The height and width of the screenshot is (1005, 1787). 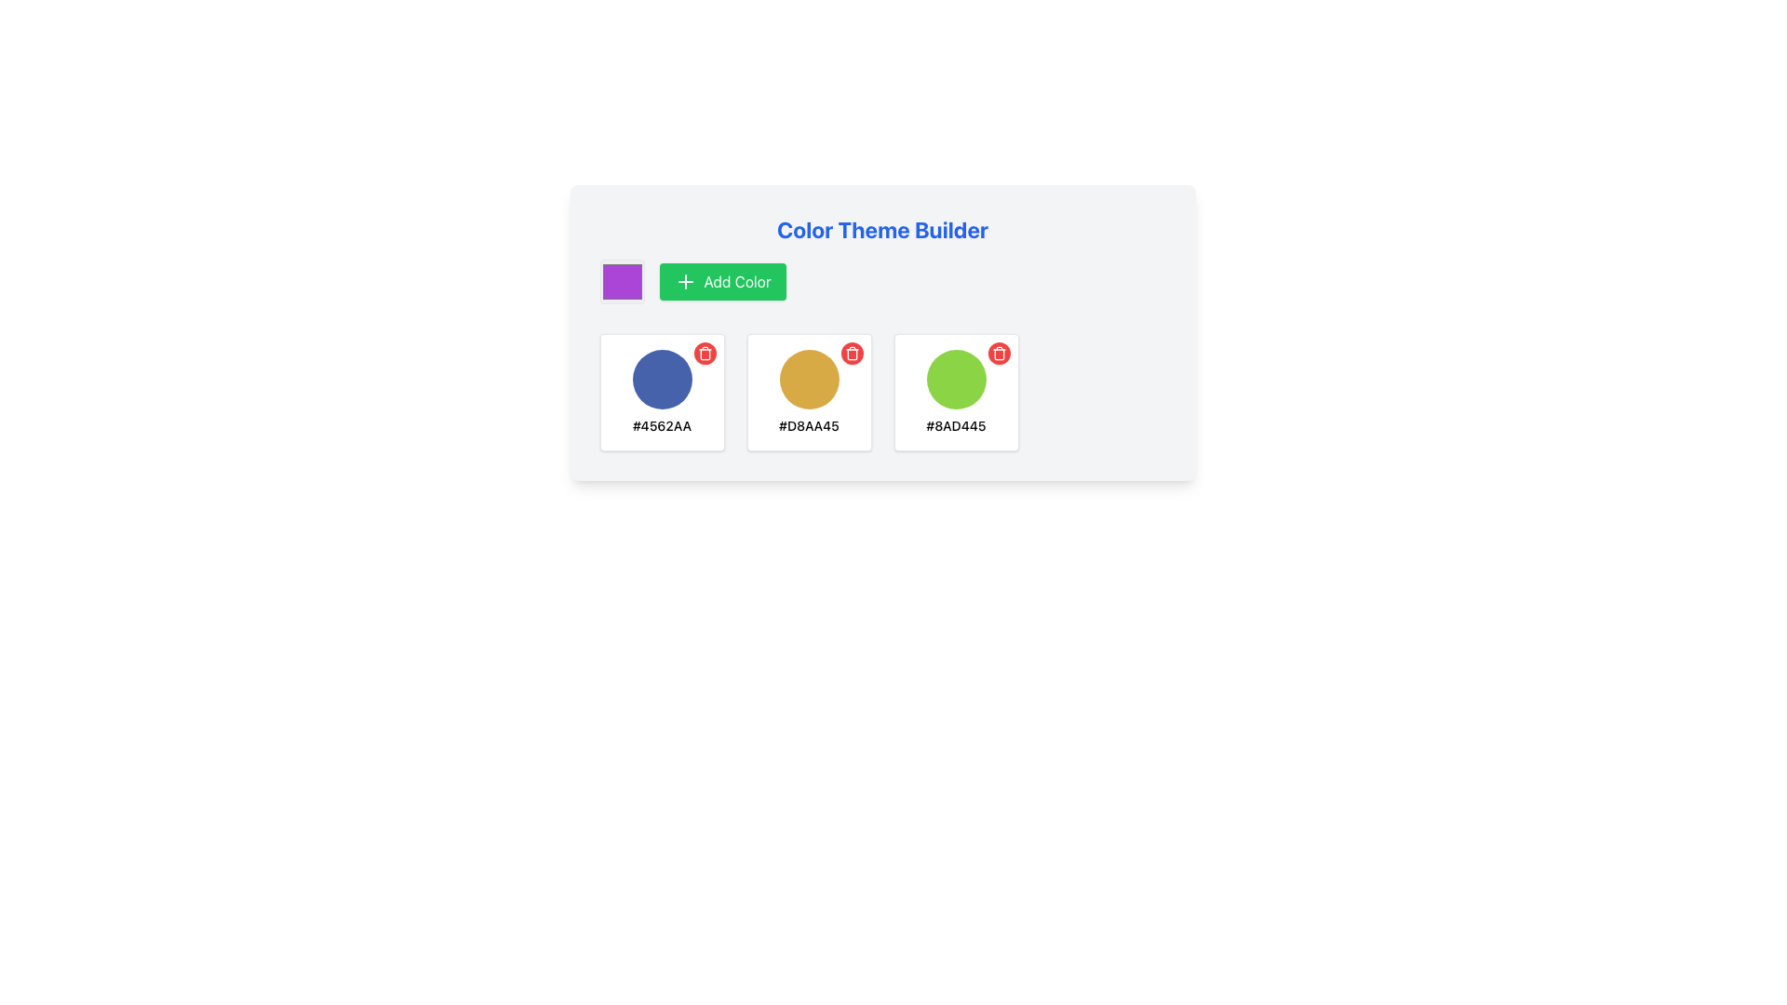 I want to click on the color representation UI component located in the middle-top area of the color theme management interface, which is the third block in a row of color swatches, so click(x=956, y=379).